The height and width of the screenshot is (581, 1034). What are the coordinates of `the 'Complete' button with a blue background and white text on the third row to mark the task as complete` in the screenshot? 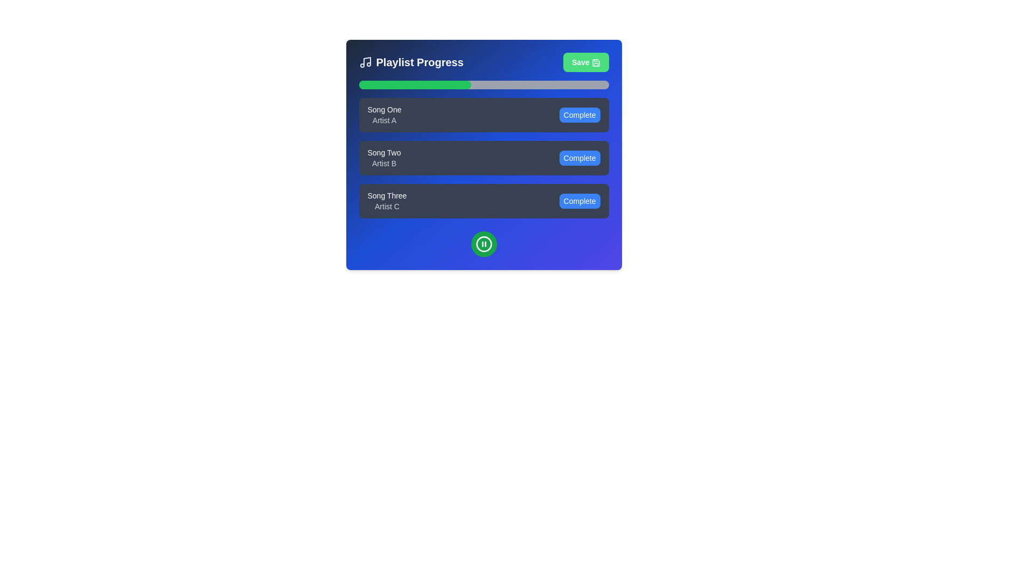 It's located at (579, 201).